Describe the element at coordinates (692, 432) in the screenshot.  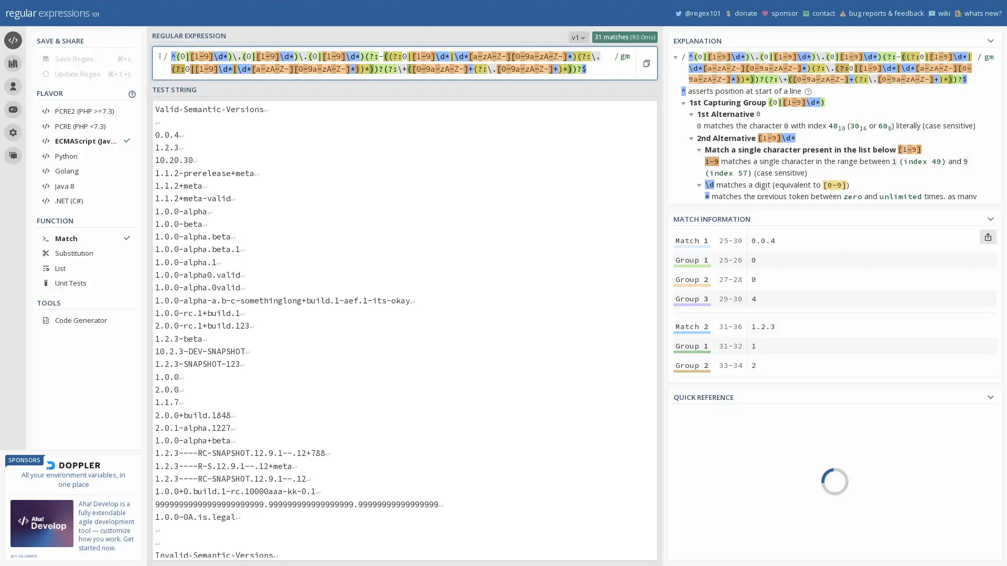
I see `Group 1` at that location.